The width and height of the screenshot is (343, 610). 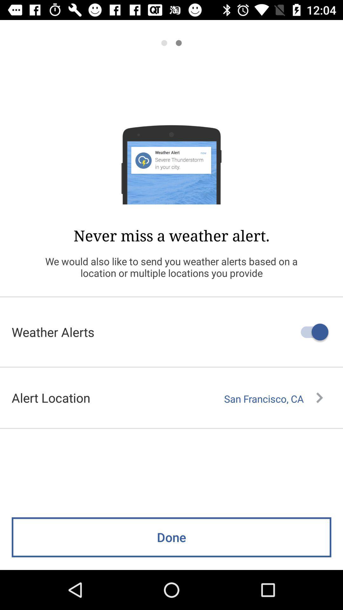 What do you see at coordinates (273, 398) in the screenshot?
I see `the item to the right of alert location item` at bounding box center [273, 398].